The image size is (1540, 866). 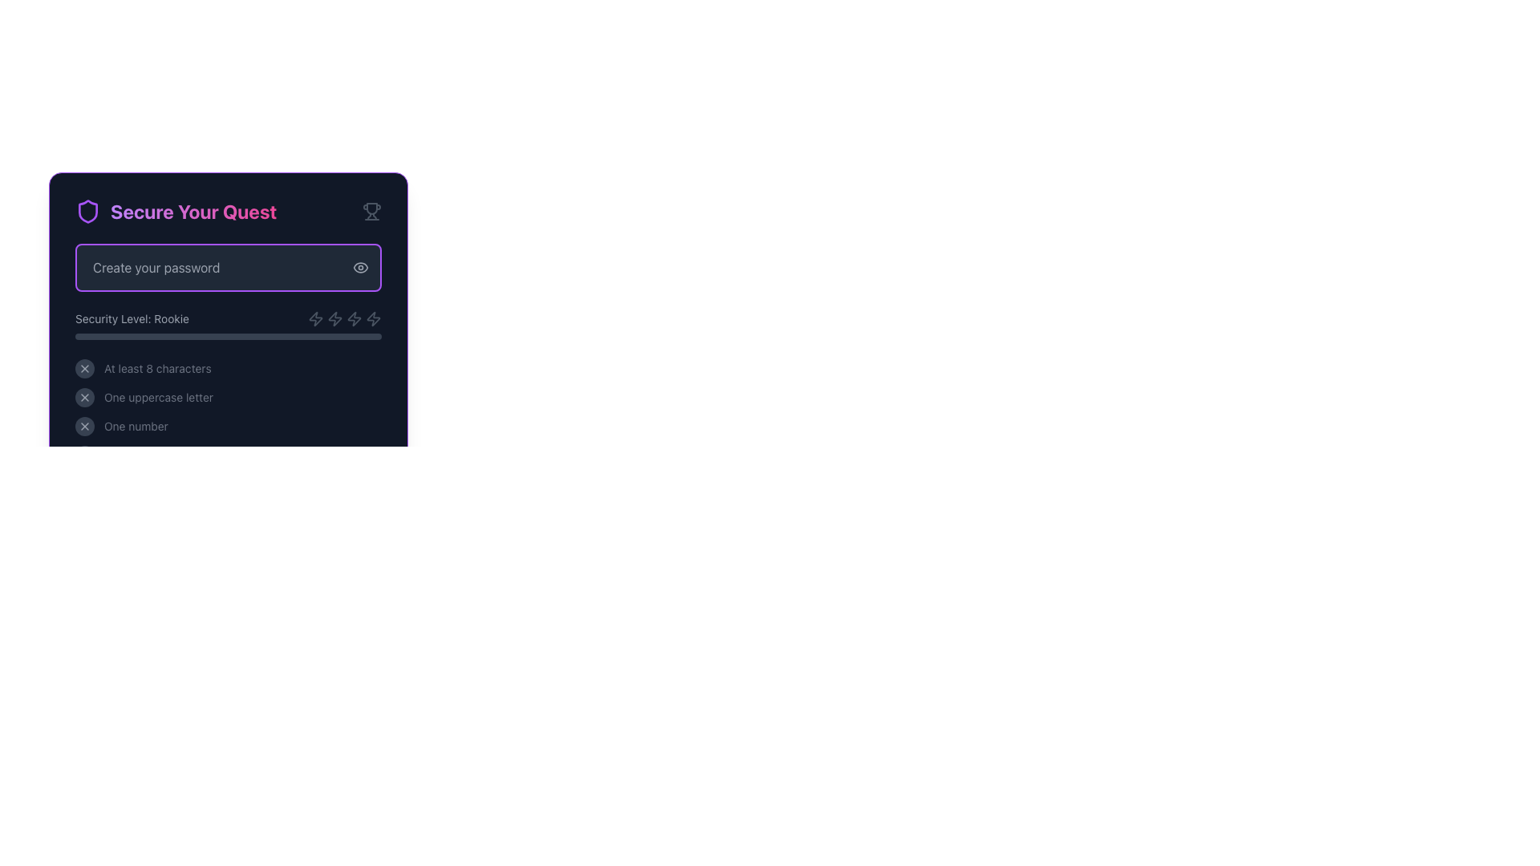 I want to click on the bold text heading with a gradient from purple to pink, which is accompanied by a purple shield icon on the left and a trophy icon on the right, so click(x=176, y=210).